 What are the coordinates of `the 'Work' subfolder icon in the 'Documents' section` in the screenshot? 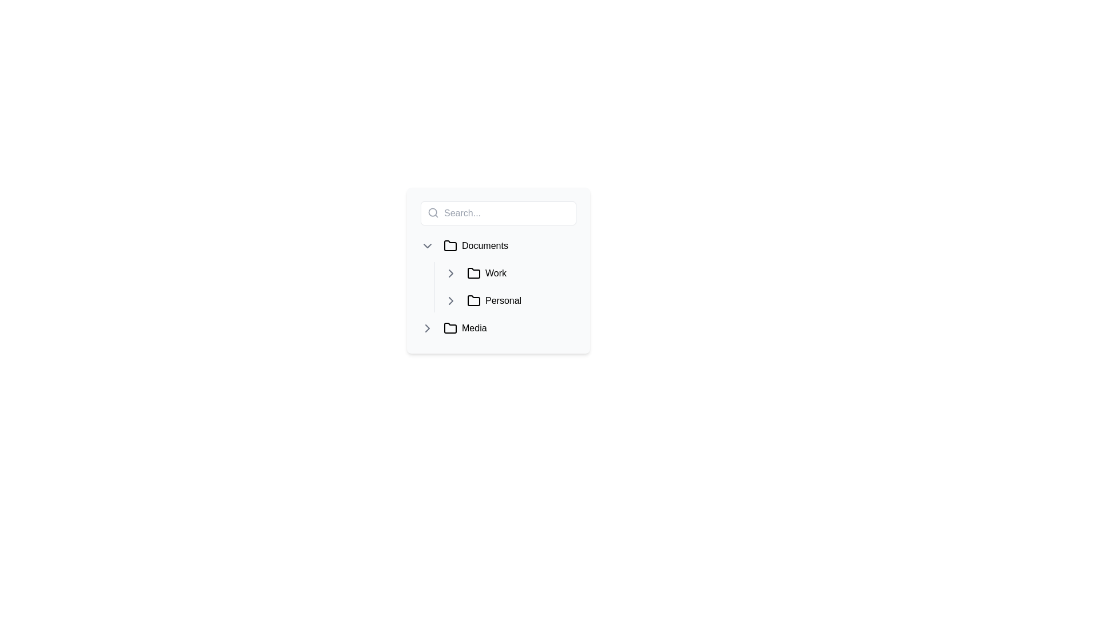 It's located at (474, 273).